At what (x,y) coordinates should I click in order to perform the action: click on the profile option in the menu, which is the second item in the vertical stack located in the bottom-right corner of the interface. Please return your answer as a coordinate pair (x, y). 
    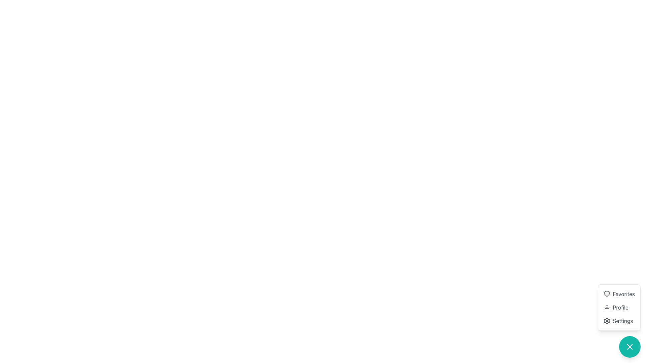
    Looking at the image, I should click on (619, 307).